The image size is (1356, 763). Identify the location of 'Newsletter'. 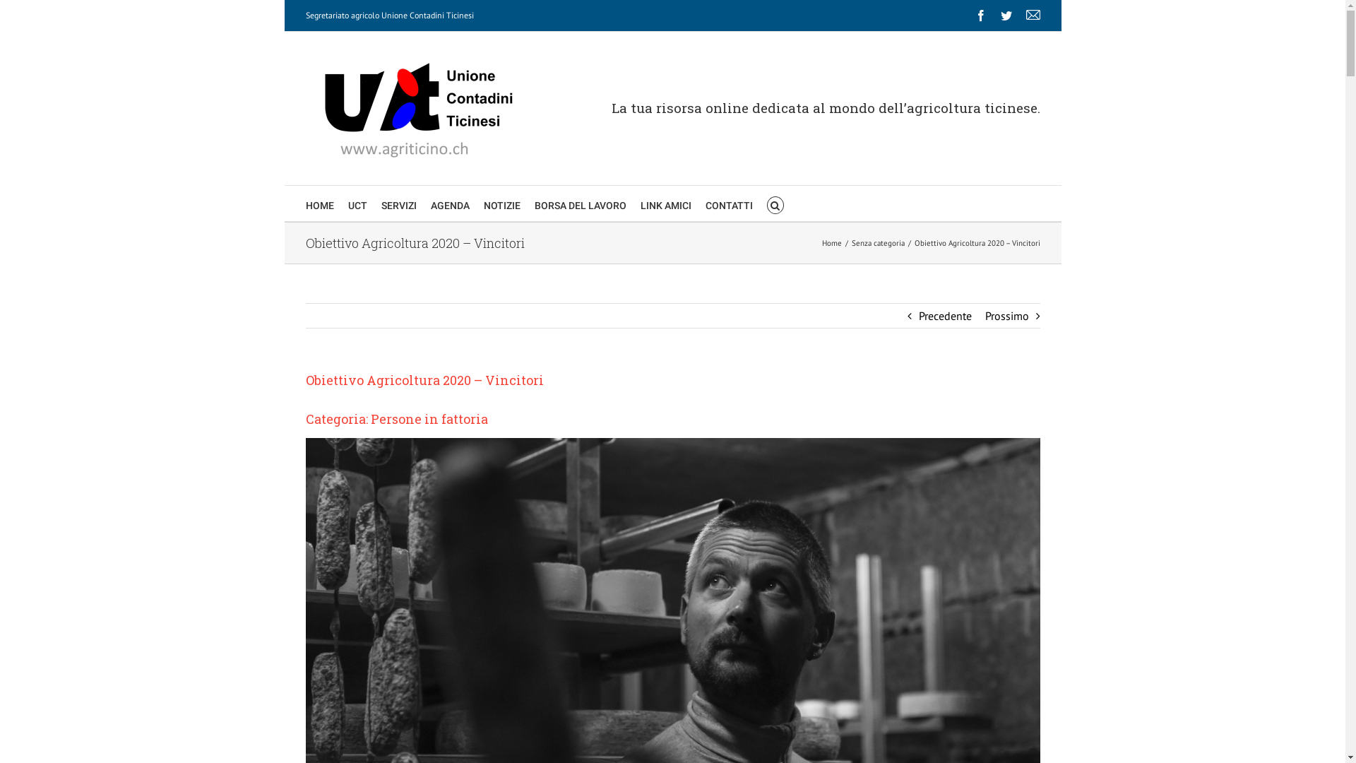
(1033, 16).